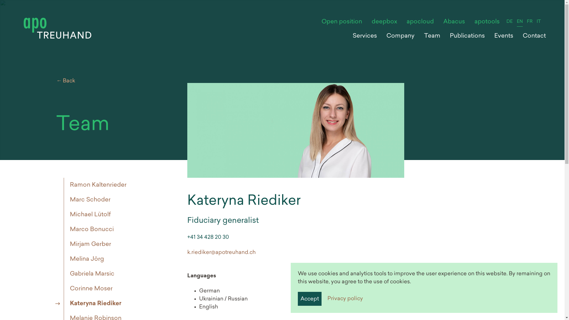 The height and width of the screenshot is (320, 569). I want to click on 'deepbox', so click(384, 21).